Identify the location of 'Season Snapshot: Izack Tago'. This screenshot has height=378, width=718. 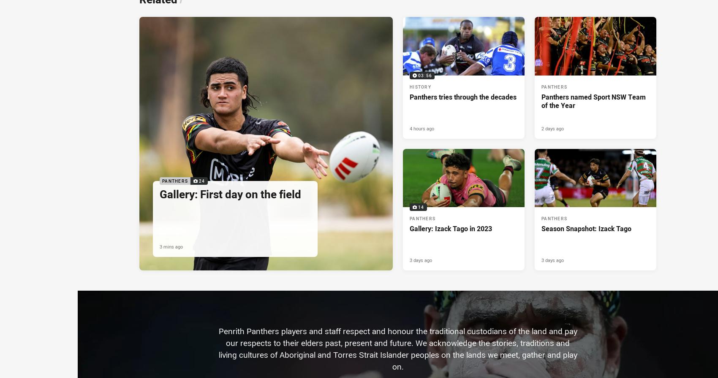
(586, 228).